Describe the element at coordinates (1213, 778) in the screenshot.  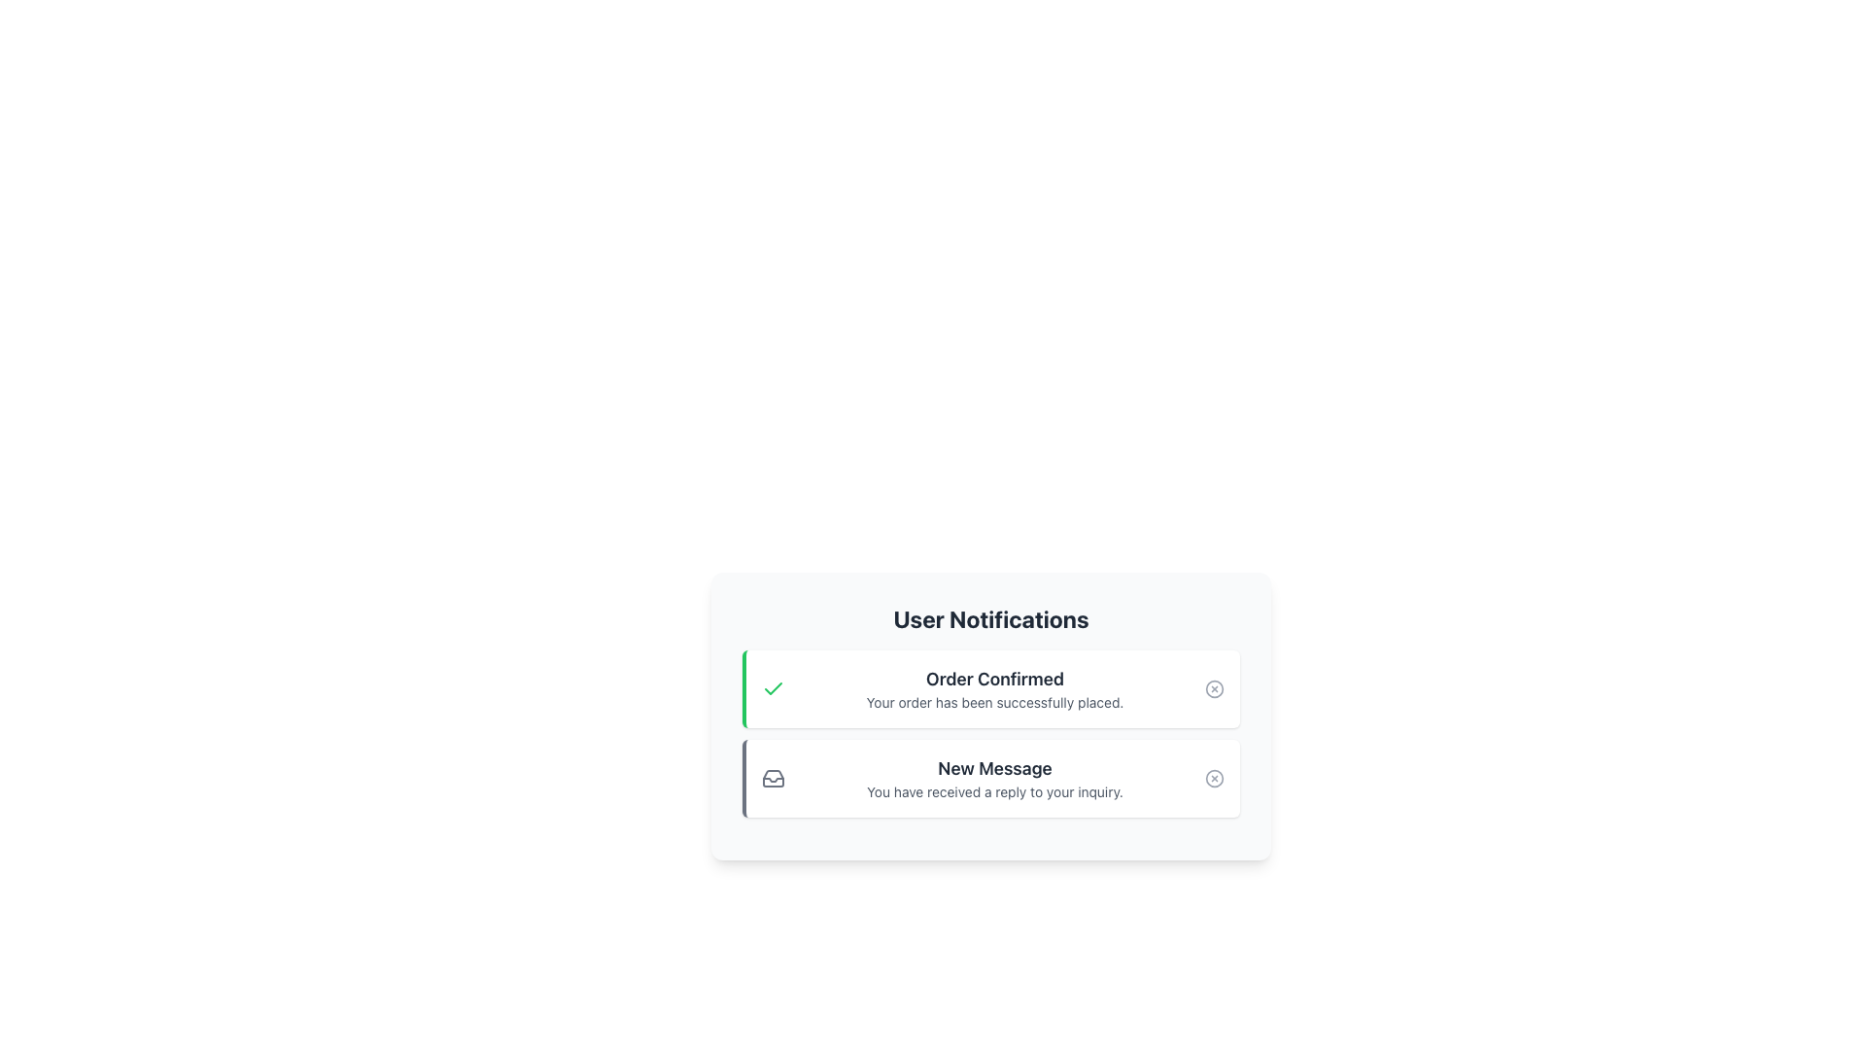
I see `the dismiss button located at the far right end of the 'New Message' notification card` at that location.